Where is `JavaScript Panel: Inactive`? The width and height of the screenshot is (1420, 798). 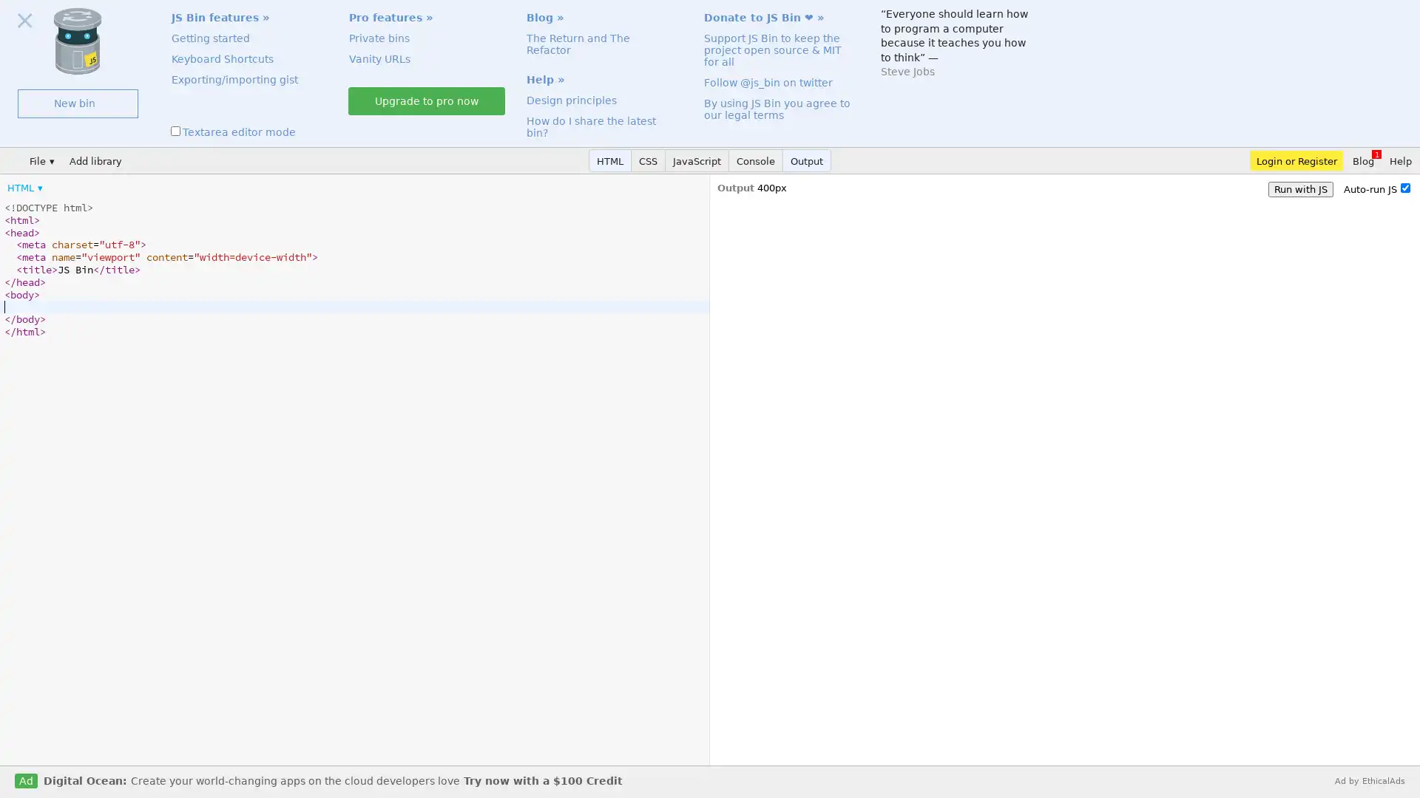 JavaScript Panel: Inactive is located at coordinates (696, 160).